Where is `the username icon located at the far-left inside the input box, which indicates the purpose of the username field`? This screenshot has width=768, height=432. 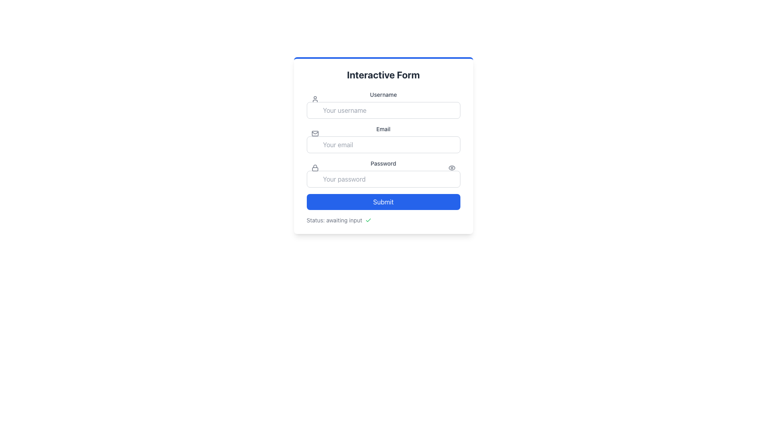 the username icon located at the far-left inside the input box, which indicates the purpose of the username field is located at coordinates (314, 98).